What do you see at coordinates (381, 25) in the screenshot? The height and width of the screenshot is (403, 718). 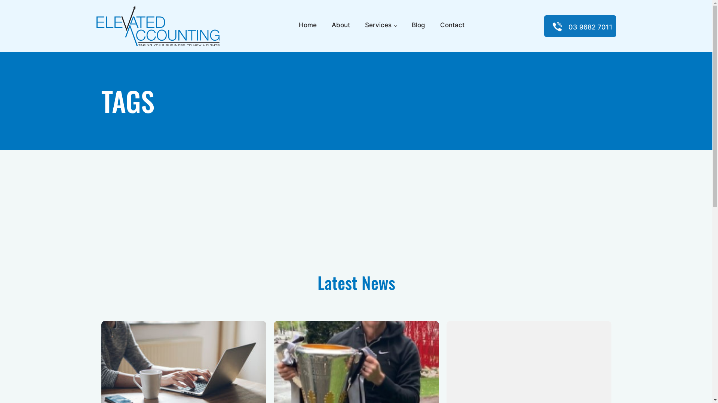 I see `'Services'` at bounding box center [381, 25].